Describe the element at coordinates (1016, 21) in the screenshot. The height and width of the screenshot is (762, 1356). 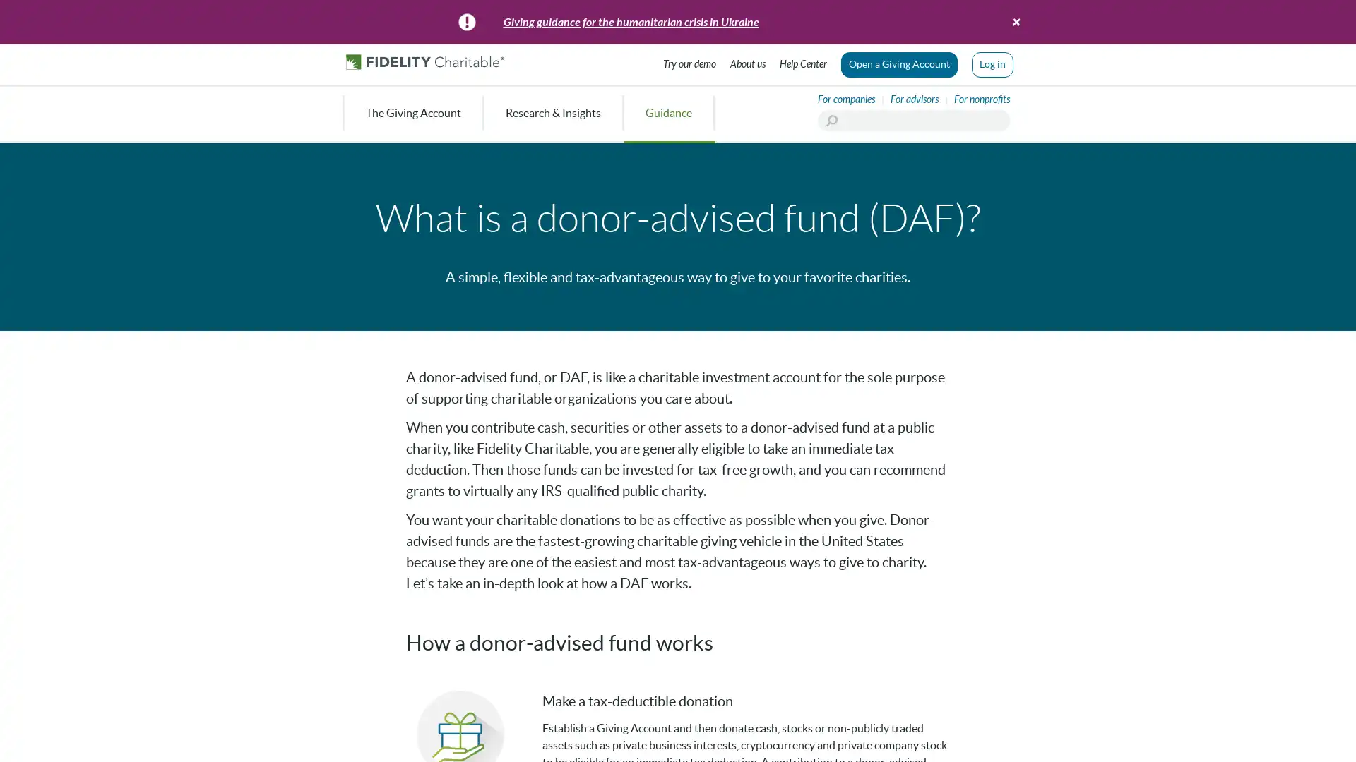
I see `Close banner` at that location.